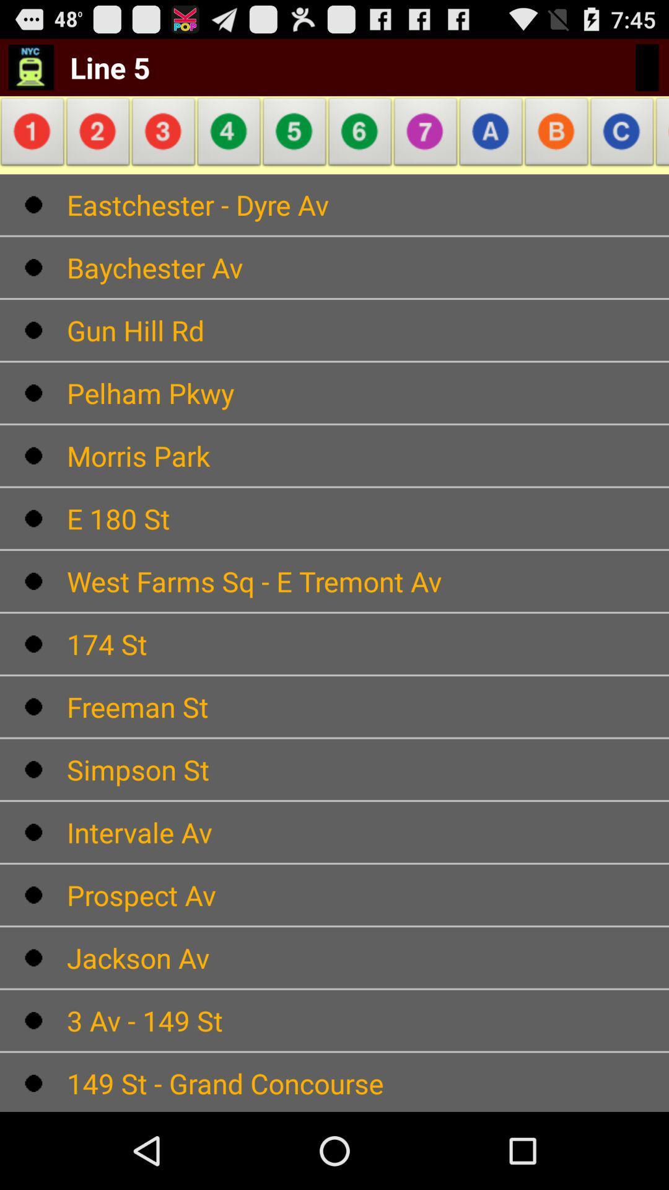 This screenshot has width=669, height=1190. I want to click on the alphabet which is to the first left of c, so click(556, 134).